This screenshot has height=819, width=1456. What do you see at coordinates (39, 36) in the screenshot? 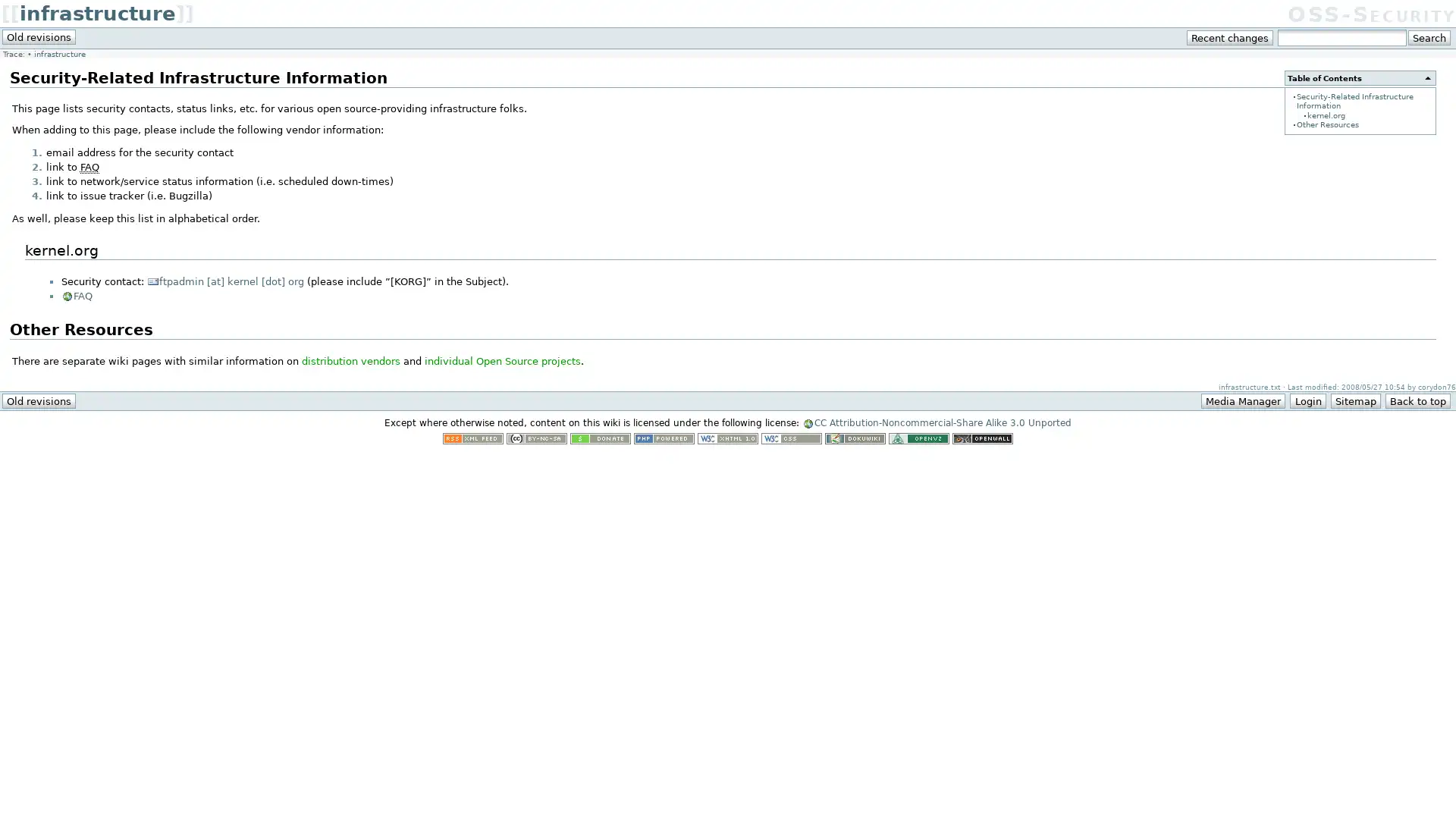
I see `Old revisions` at bounding box center [39, 36].